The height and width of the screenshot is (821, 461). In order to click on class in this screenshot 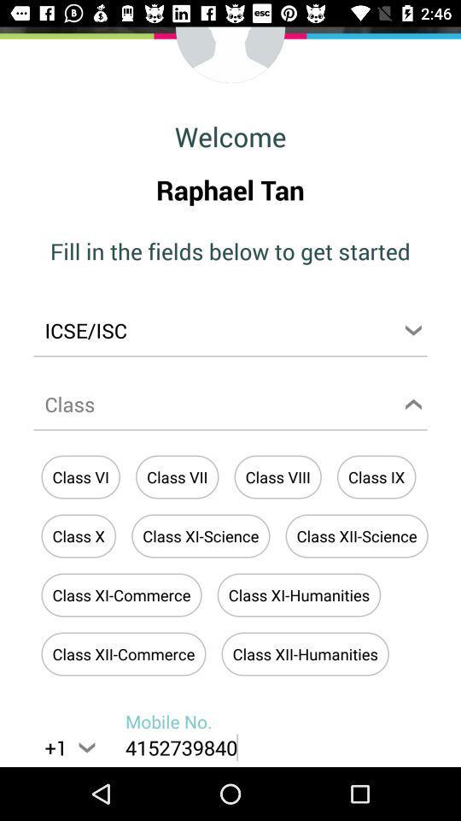, I will do `click(230, 407)`.